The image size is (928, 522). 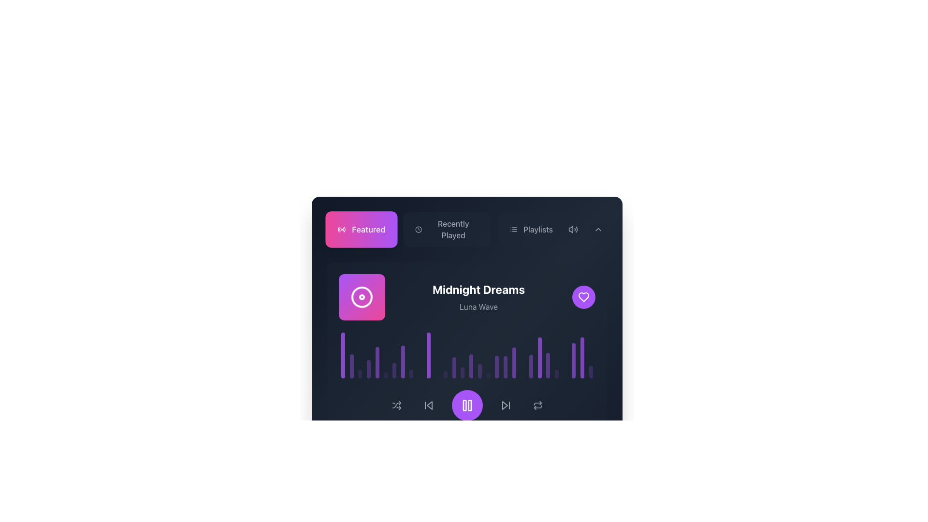 I want to click on the fifth vertical bar in the bar chart, which is rendered in a semi-transparent purple color and has rounded edges, so click(x=377, y=362).